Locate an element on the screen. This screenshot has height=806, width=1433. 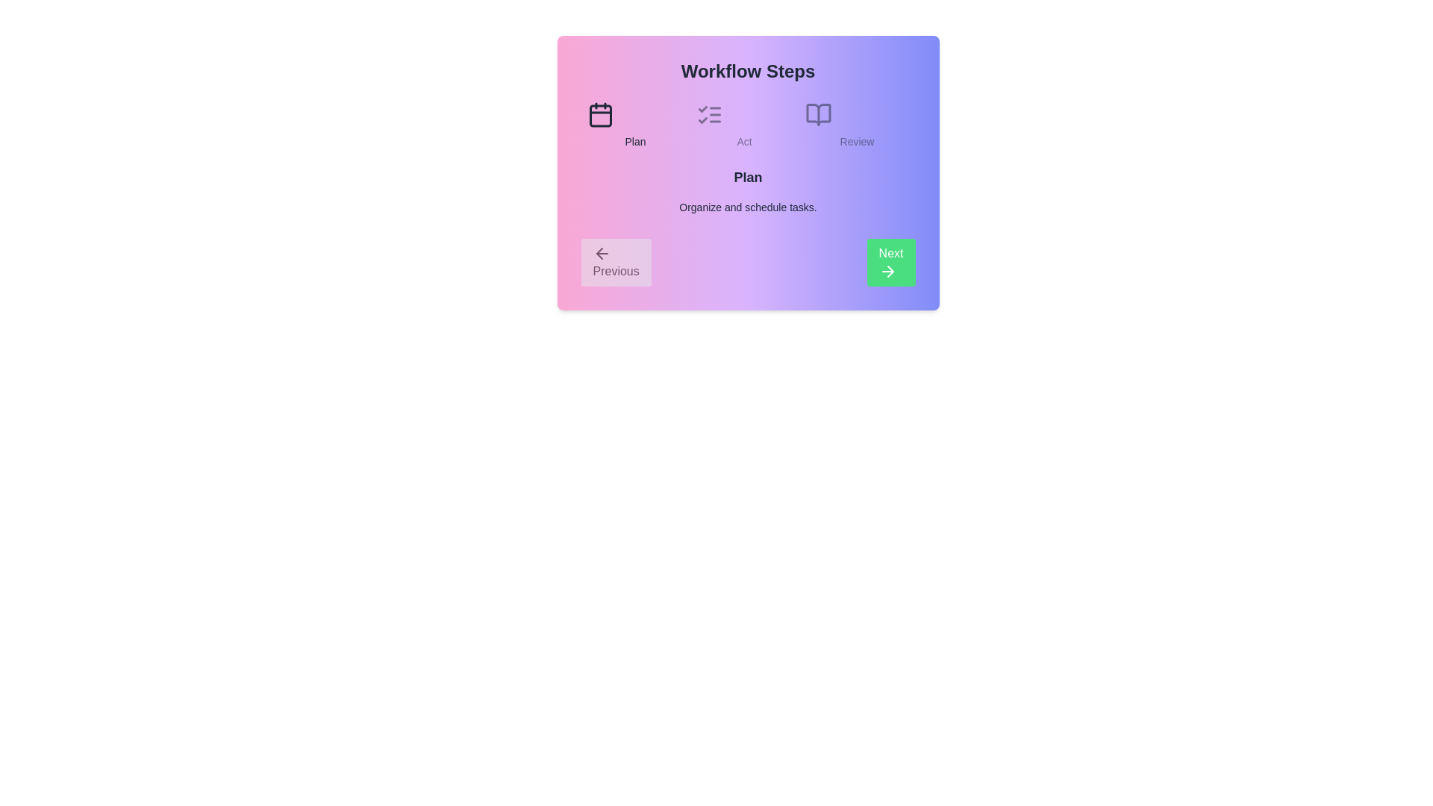
the step icon corresponding to Plan is located at coordinates (600, 114).